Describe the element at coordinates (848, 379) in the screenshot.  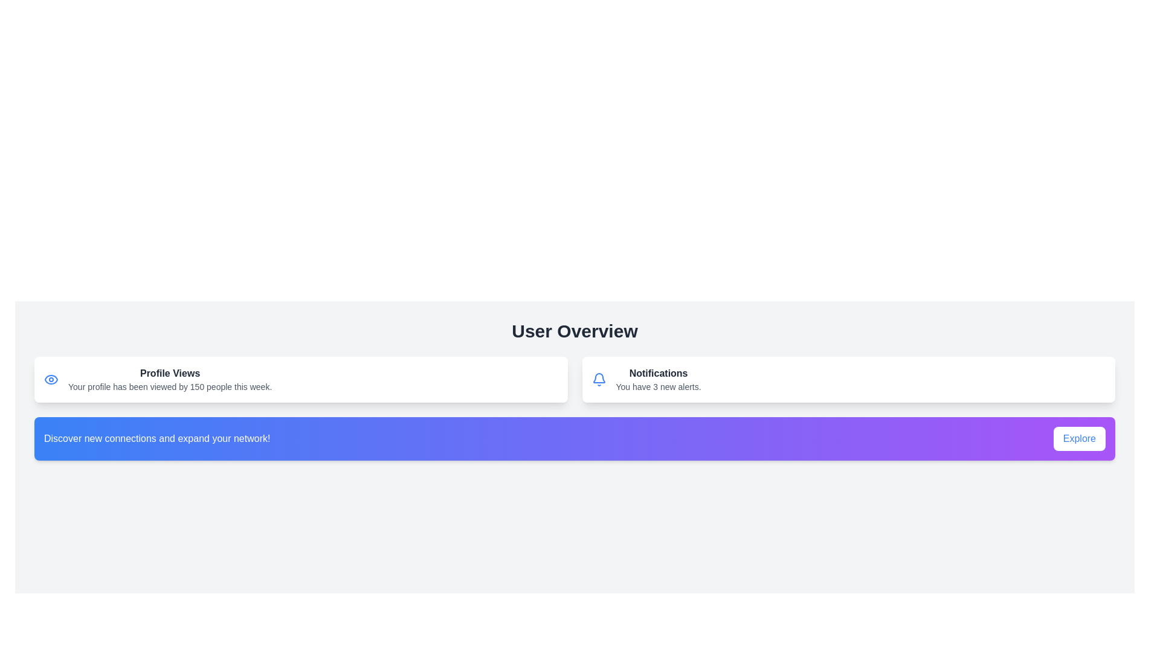
I see `the Notification Box that displays the count of new notifications and a brief description, located in the second column of the grid layout` at that location.